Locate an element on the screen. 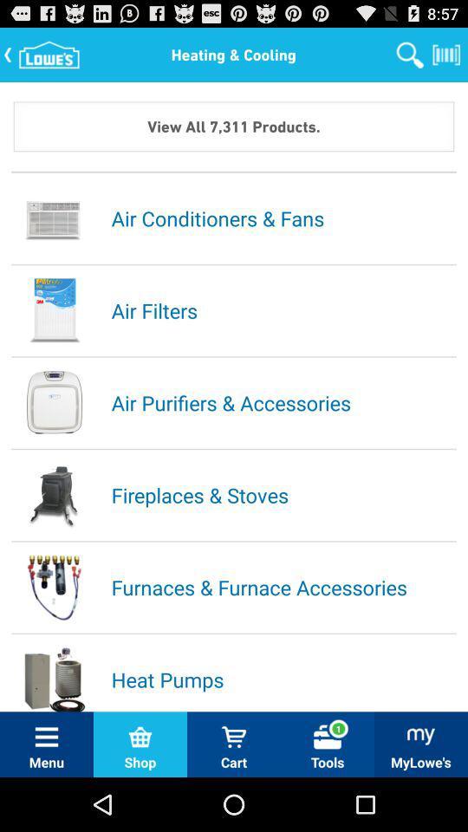 Image resolution: width=468 pixels, height=832 pixels. item above the fireplaces & stoves app is located at coordinates (283, 402).